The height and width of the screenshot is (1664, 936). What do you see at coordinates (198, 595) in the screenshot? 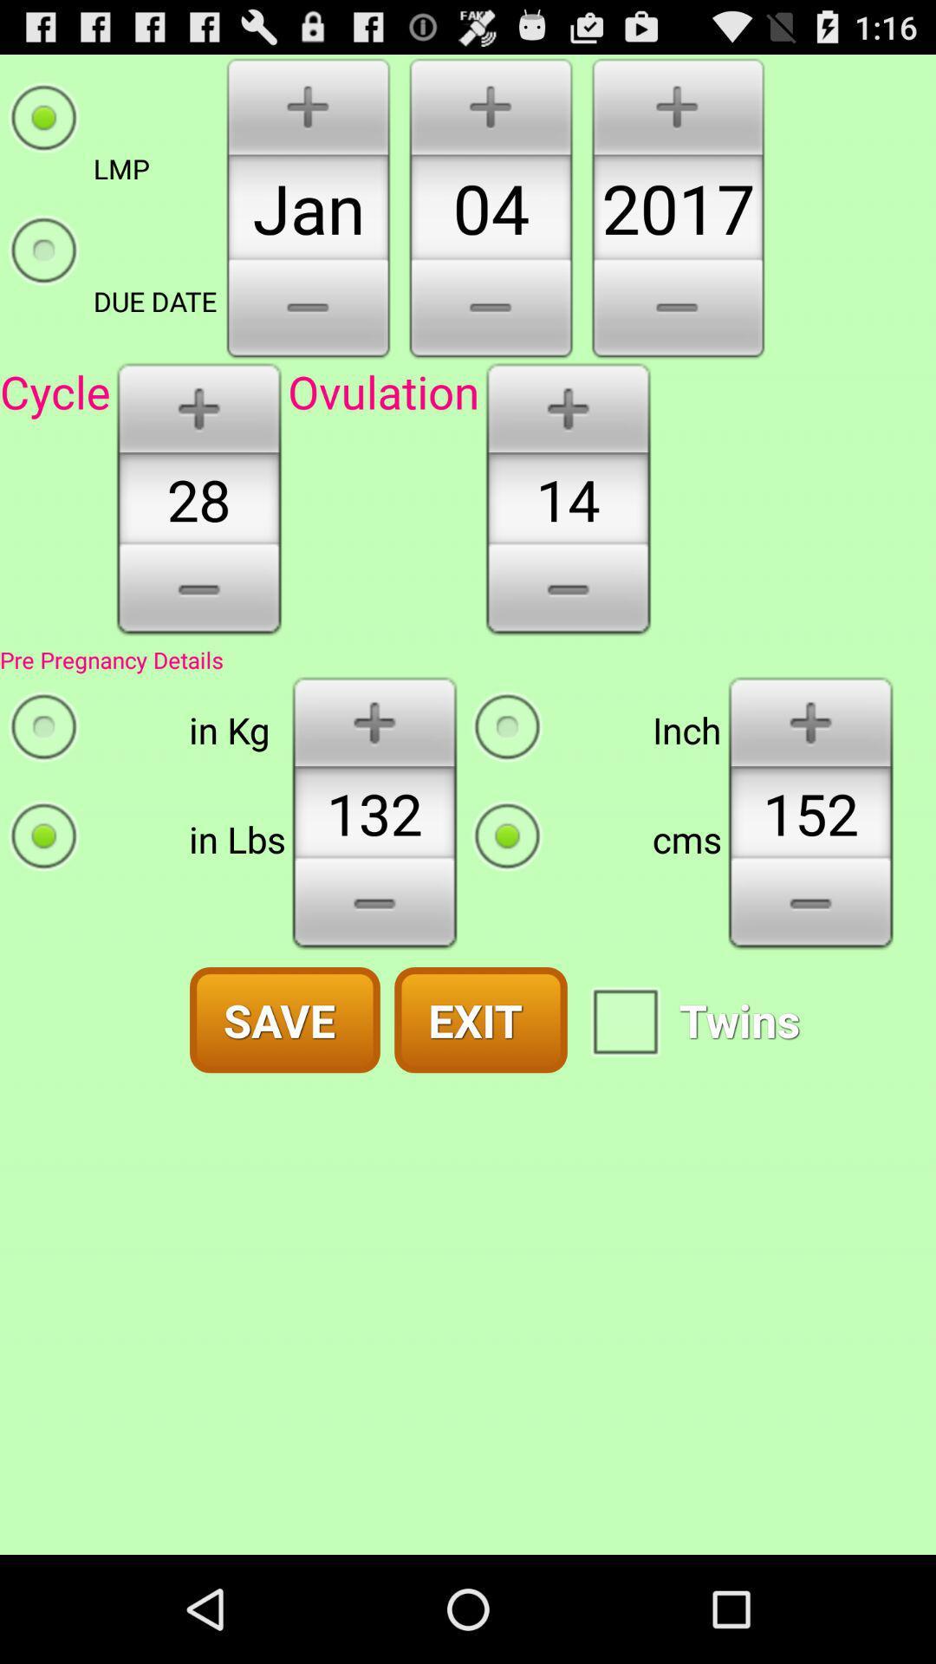
I see `reduce by one` at bounding box center [198, 595].